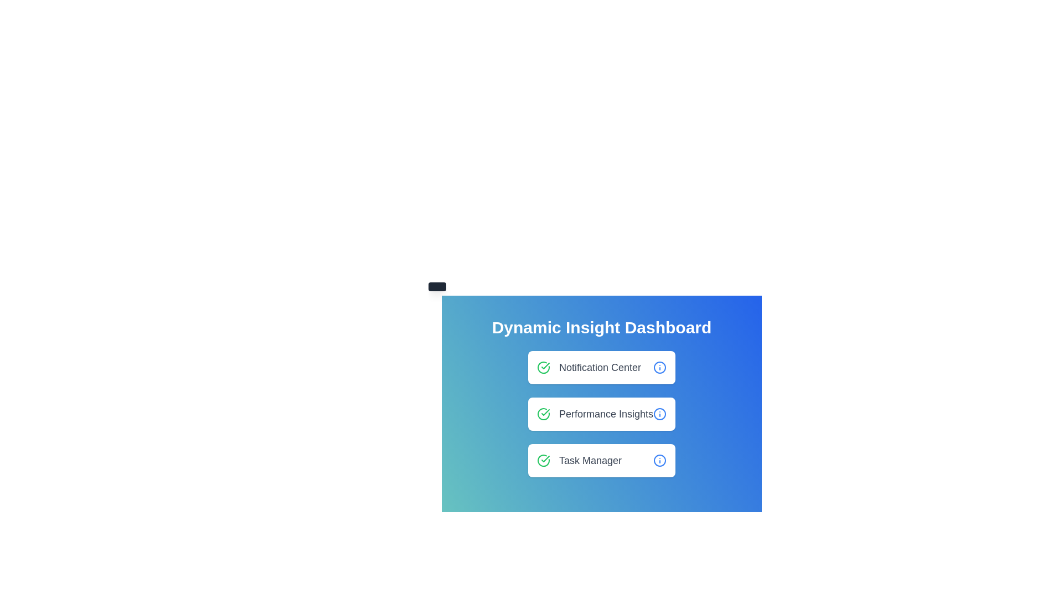 Image resolution: width=1063 pixels, height=598 pixels. I want to click on text content of the 'Notification Center' label, which is styled in medium-sized gray font and indicates a completed status with a green checkmark icon next to it, so click(589, 367).